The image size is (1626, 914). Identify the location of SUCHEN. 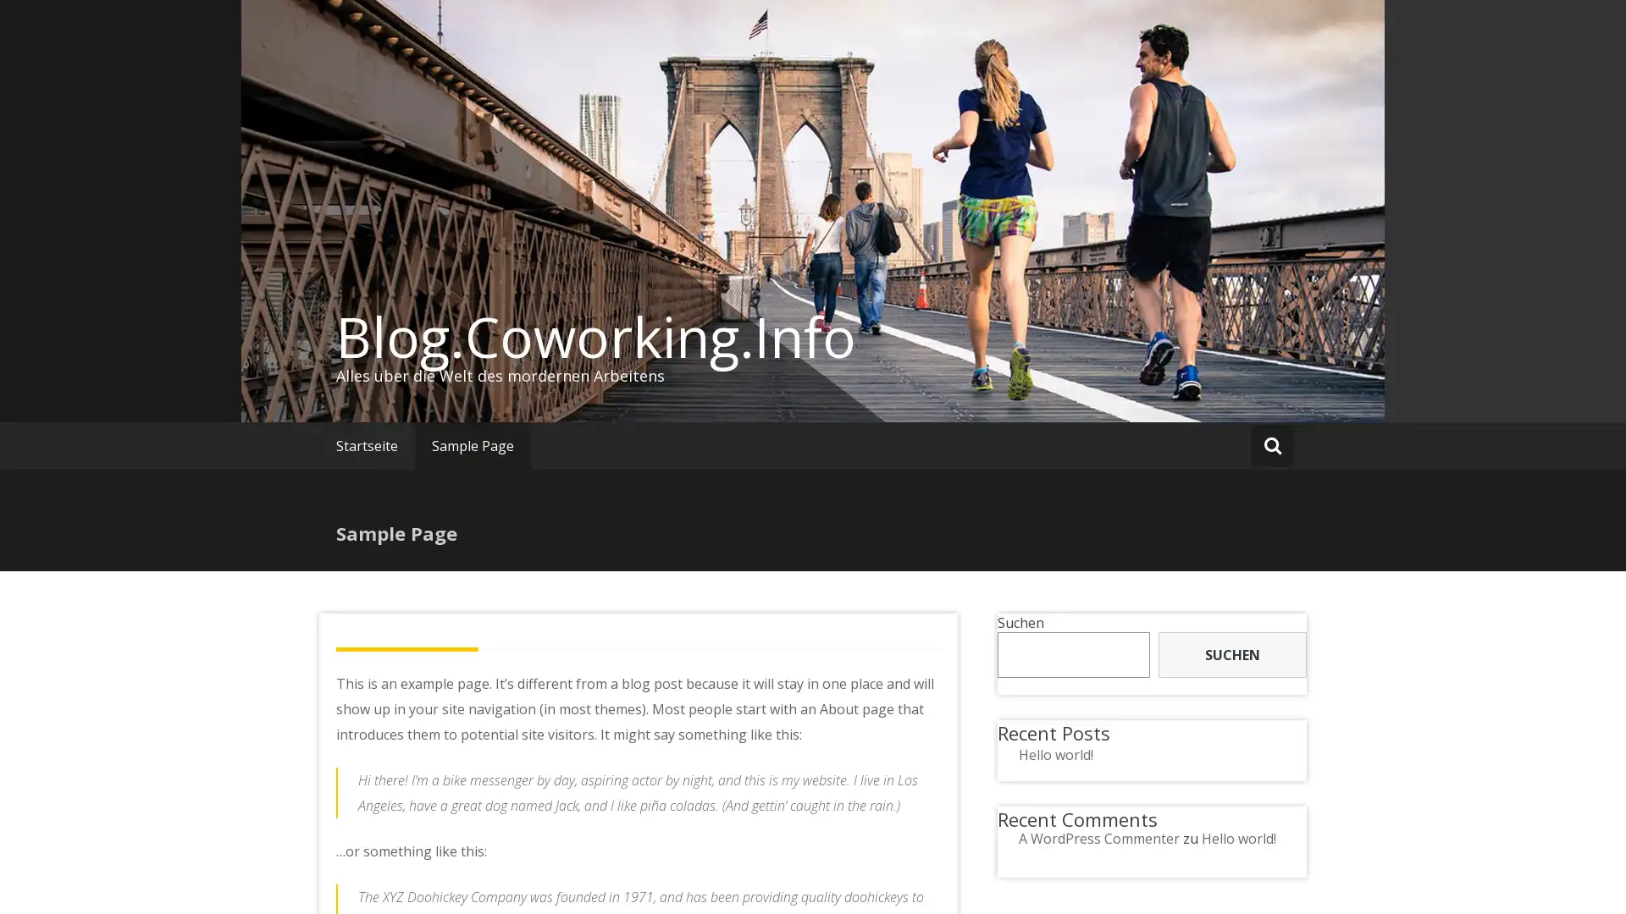
(1231, 654).